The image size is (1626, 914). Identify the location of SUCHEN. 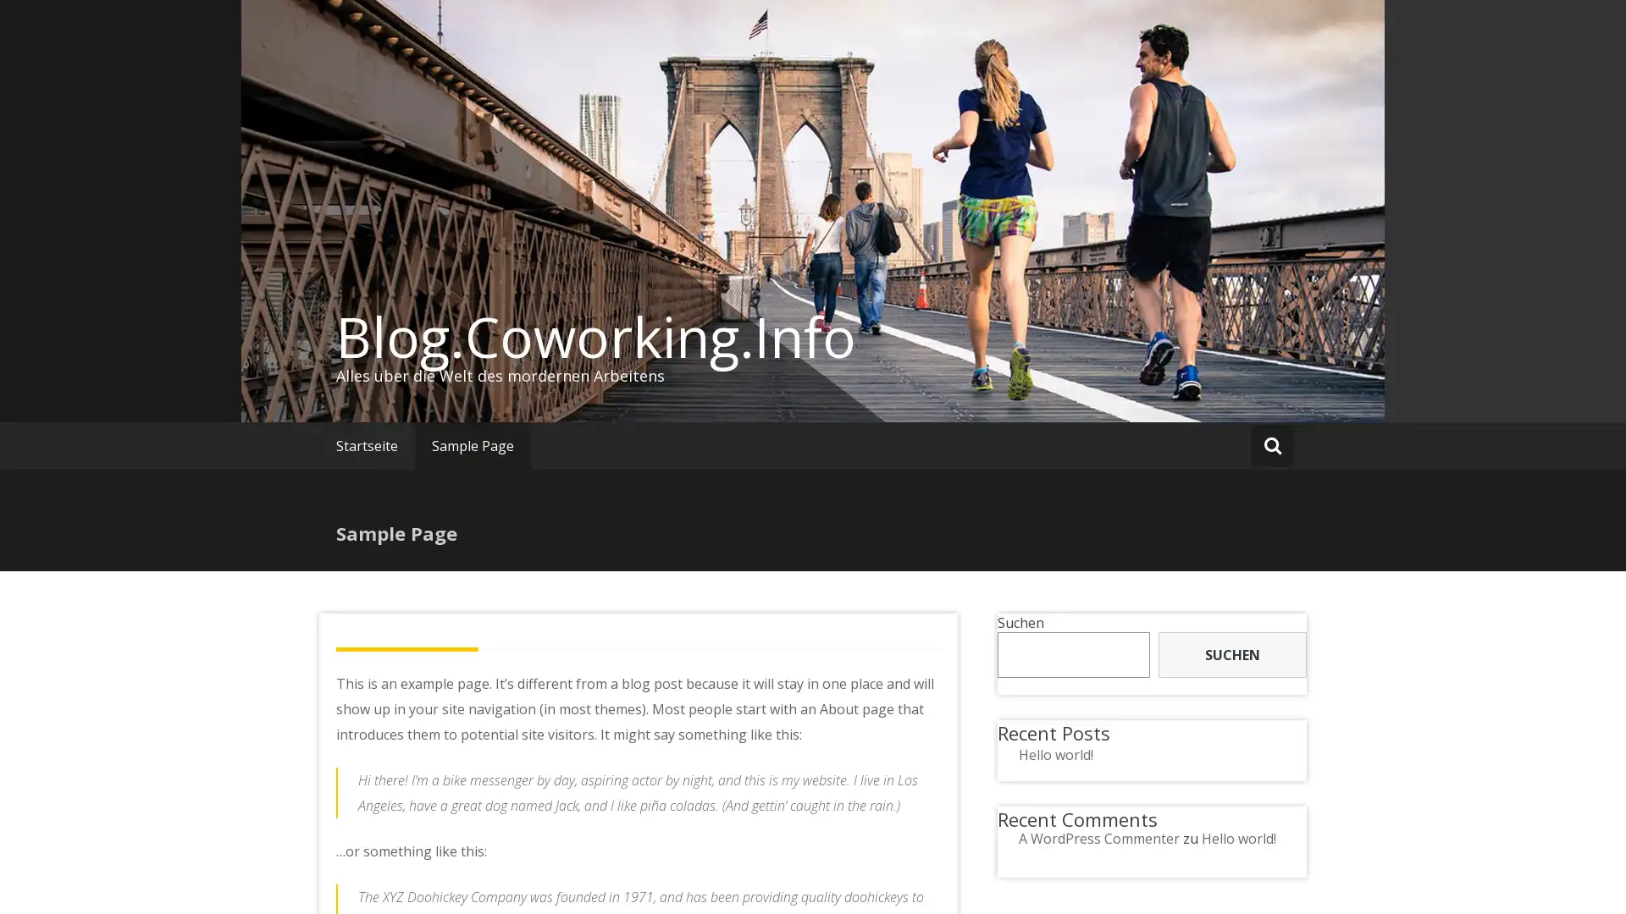
(1231, 654).